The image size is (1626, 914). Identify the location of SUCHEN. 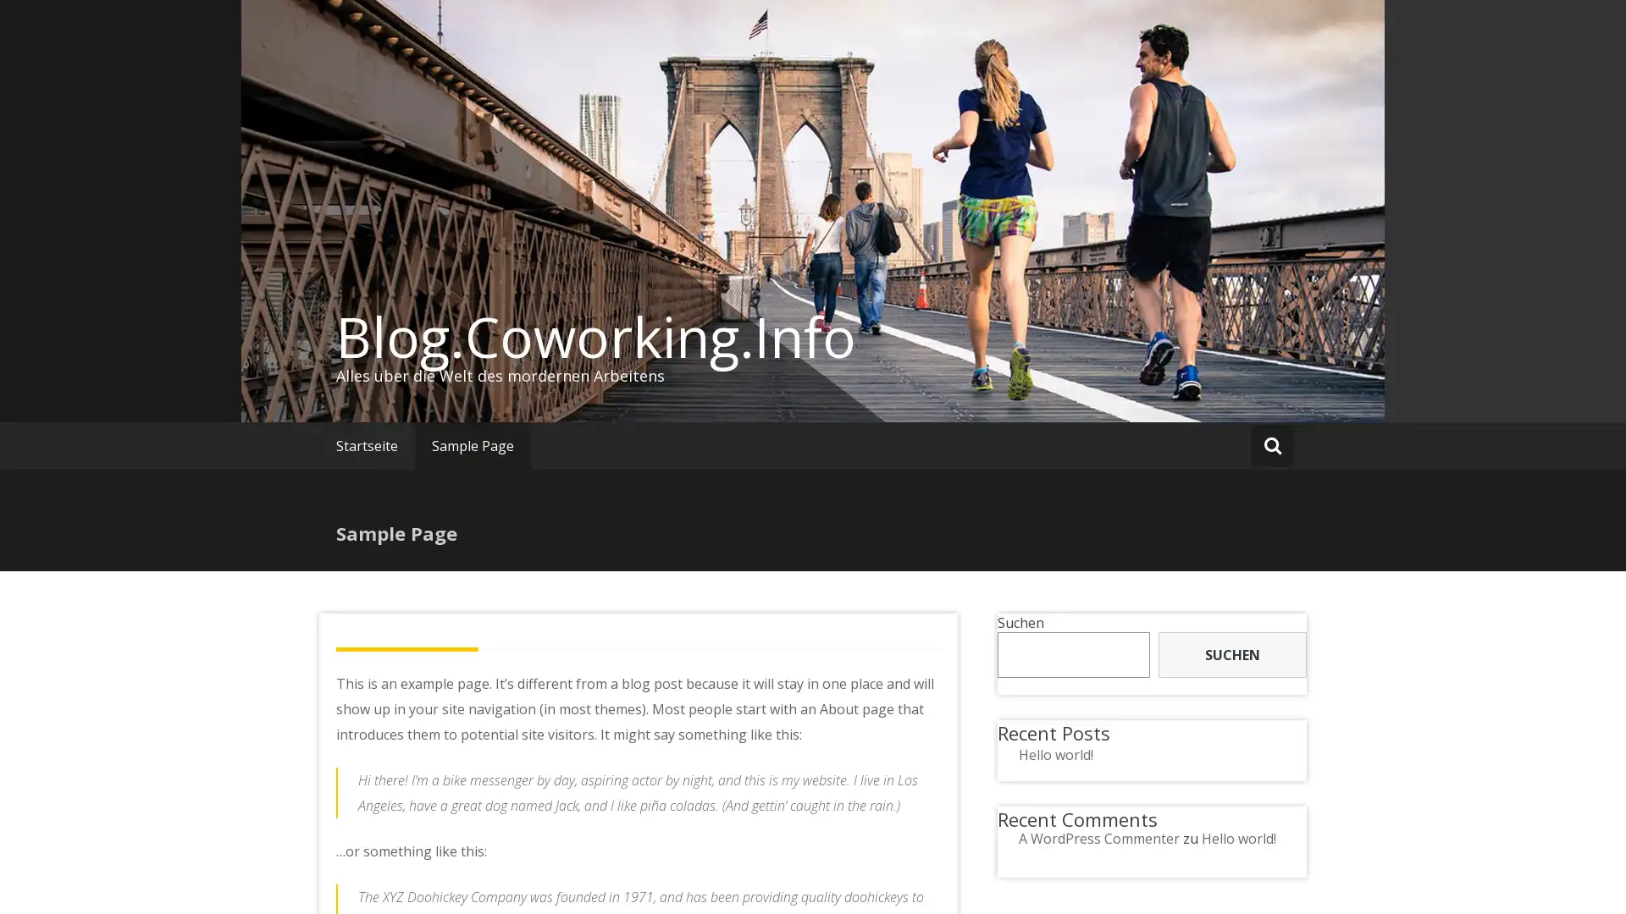
(1231, 654).